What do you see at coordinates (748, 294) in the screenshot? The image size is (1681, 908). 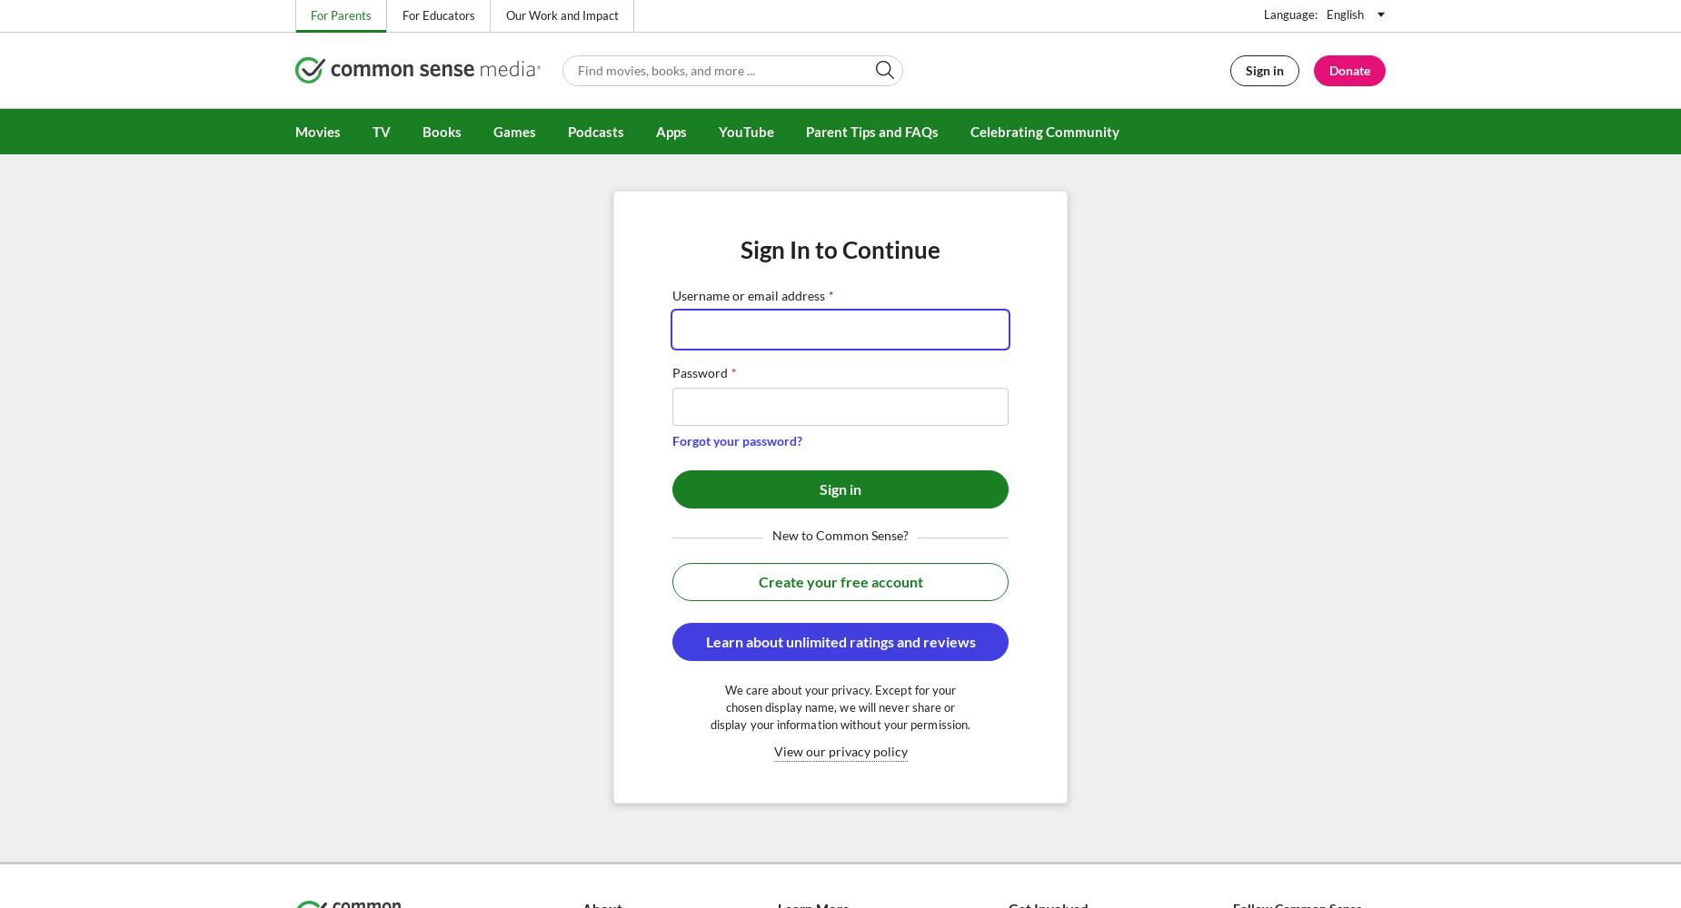 I see `'Username or email address'` at bounding box center [748, 294].